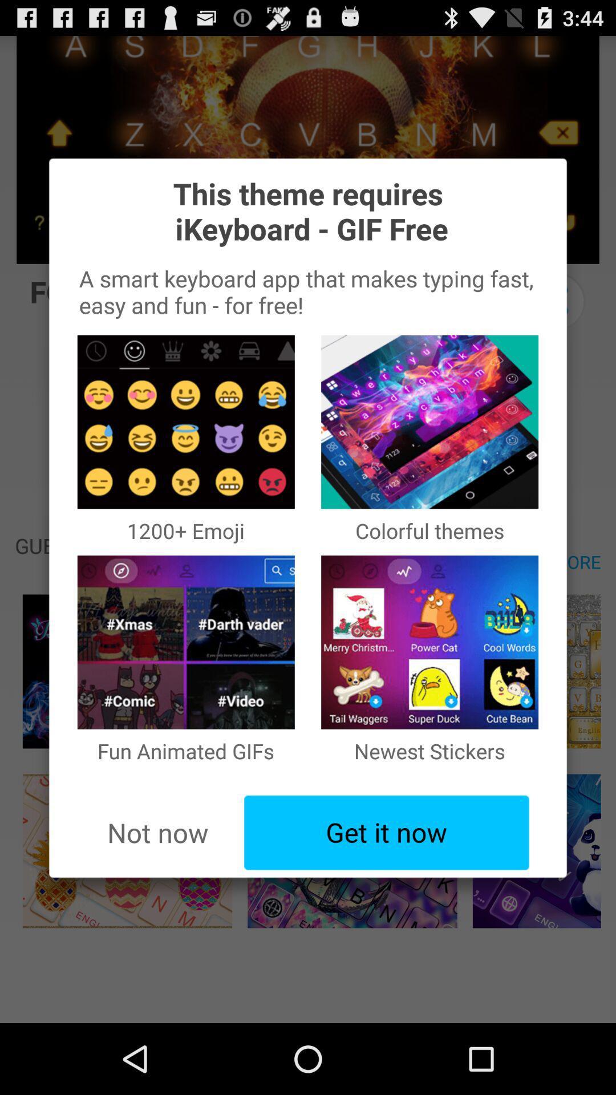  What do you see at coordinates (157, 833) in the screenshot?
I see `the icon next to get it now button` at bounding box center [157, 833].